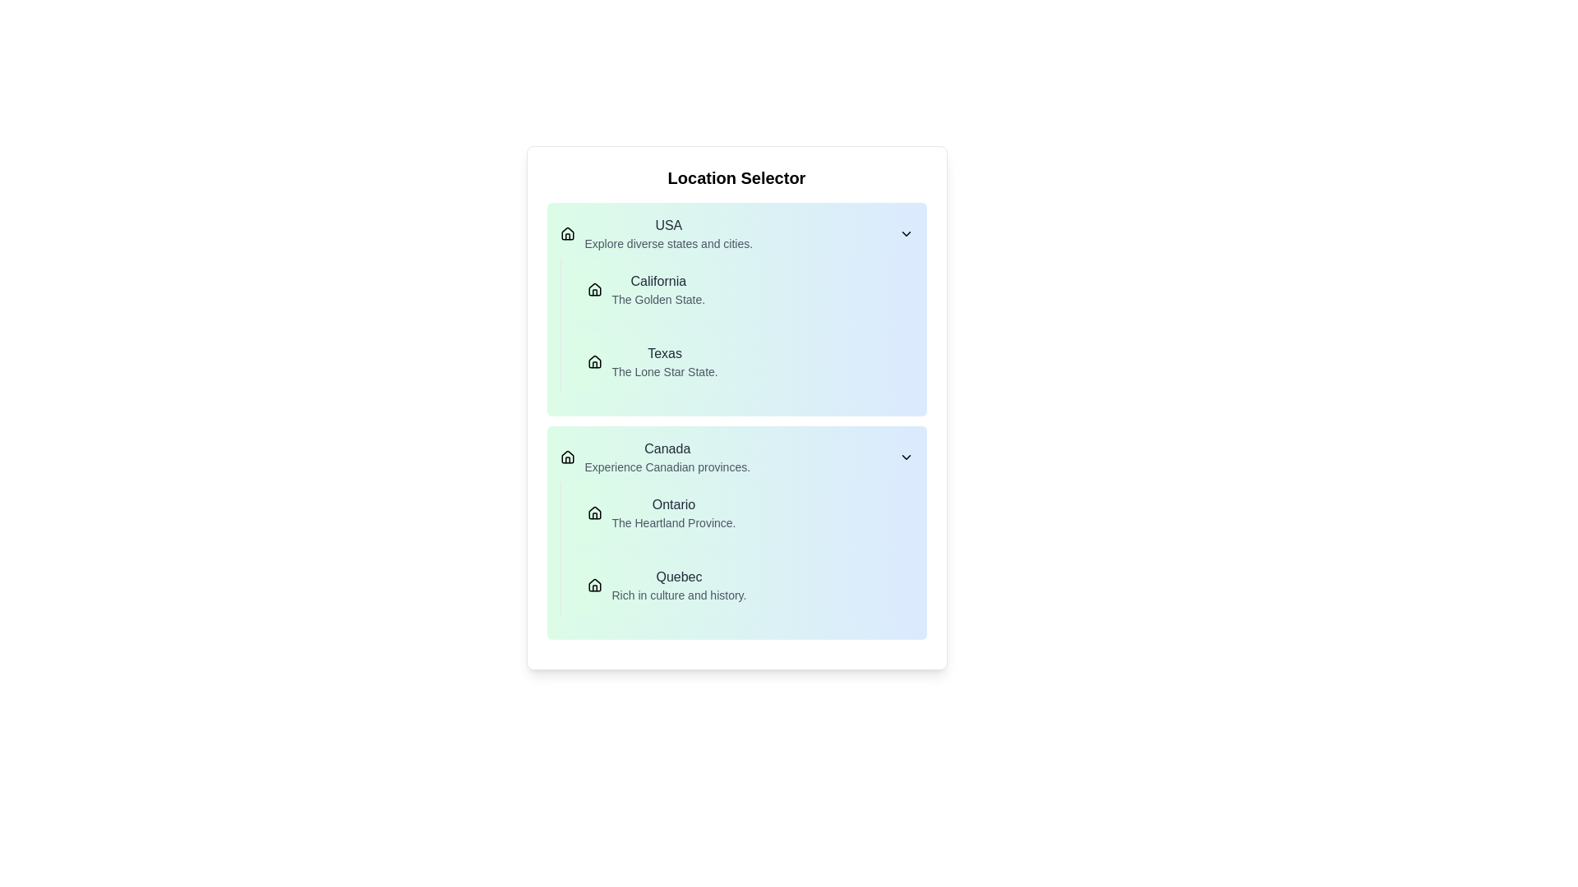 This screenshot has height=887, width=1578. Describe the element at coordinates (736, 457) in the screenshot. I see `the first list item representing Canada in the region selector interface` at that location.